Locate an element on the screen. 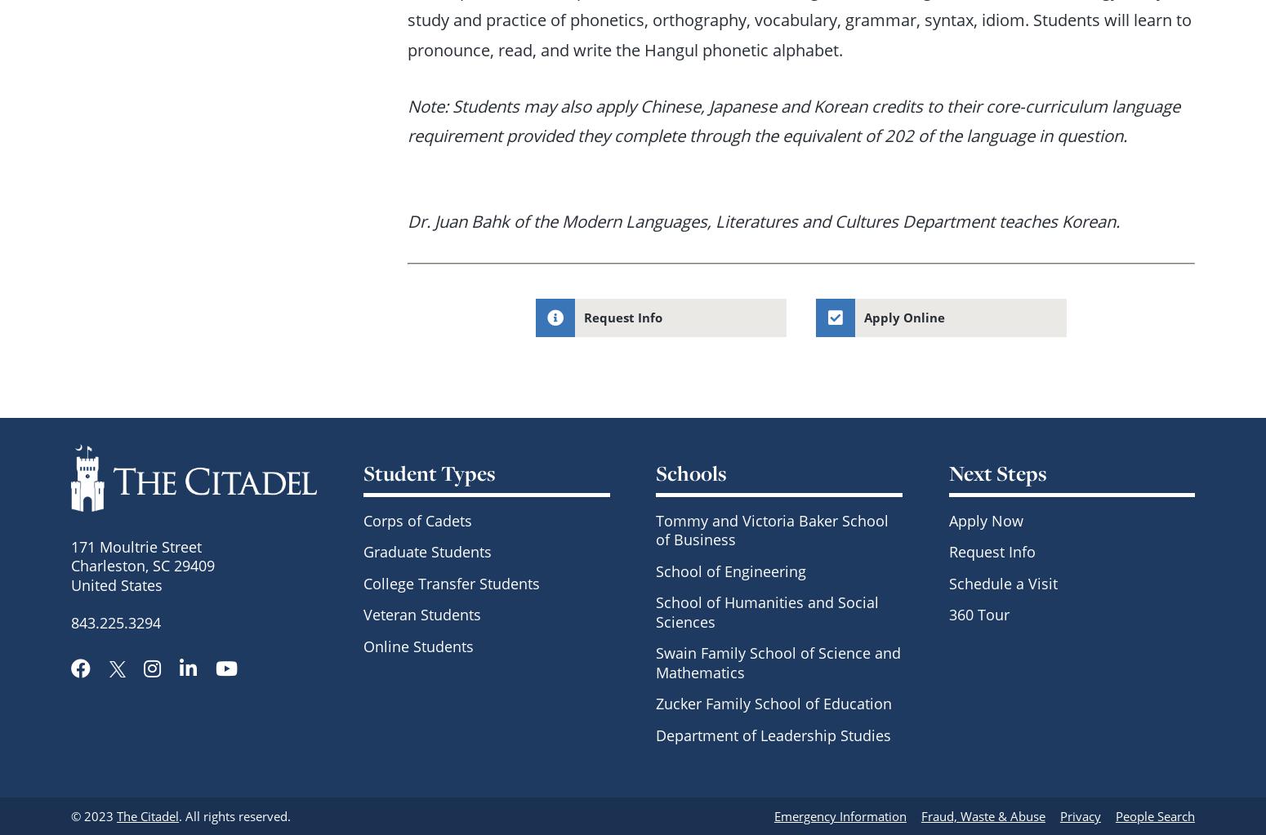 This screenshot has width=1266, height=835. 'Student Types' is located at coordinates (429, 472).